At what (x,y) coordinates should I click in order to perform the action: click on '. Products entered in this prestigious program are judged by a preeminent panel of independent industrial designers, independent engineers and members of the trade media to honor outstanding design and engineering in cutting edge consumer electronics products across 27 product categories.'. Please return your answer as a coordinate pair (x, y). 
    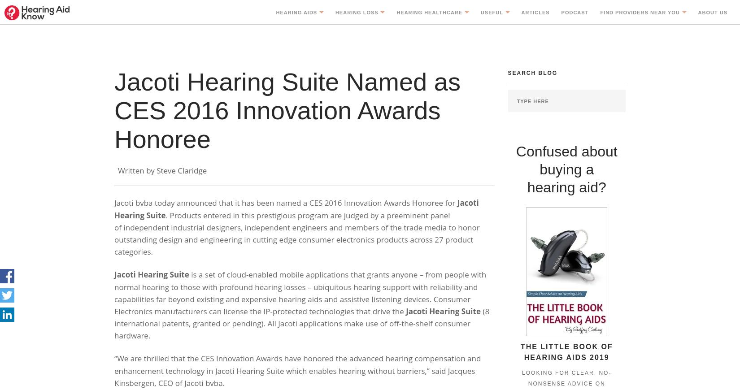
    Looking at the image, I should click on (296, 233).